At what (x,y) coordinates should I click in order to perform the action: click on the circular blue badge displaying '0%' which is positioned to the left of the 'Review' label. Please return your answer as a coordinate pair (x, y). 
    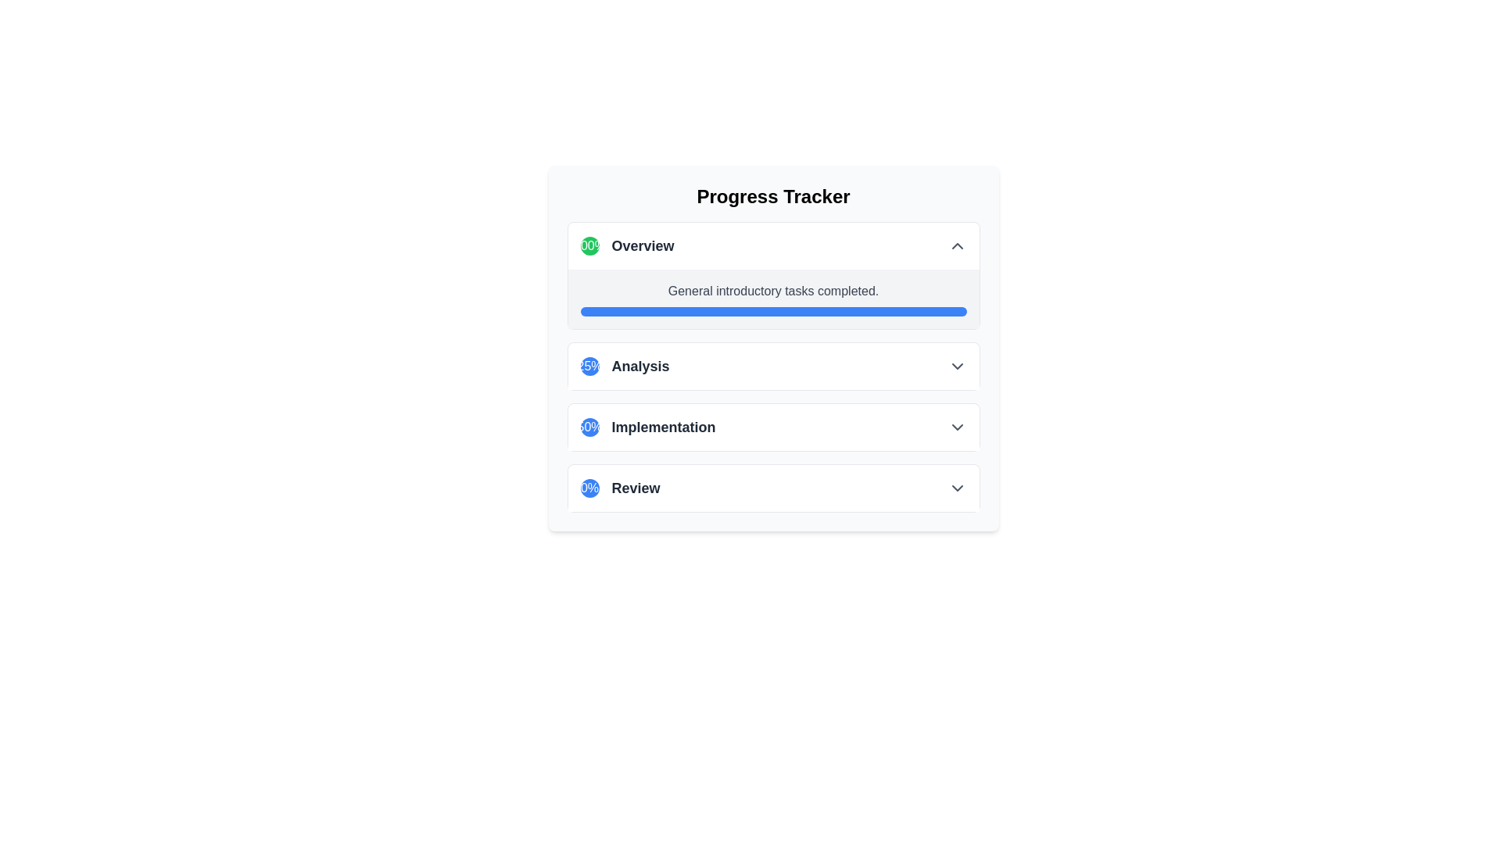
    Looking at the image, I should click on (589, 487).